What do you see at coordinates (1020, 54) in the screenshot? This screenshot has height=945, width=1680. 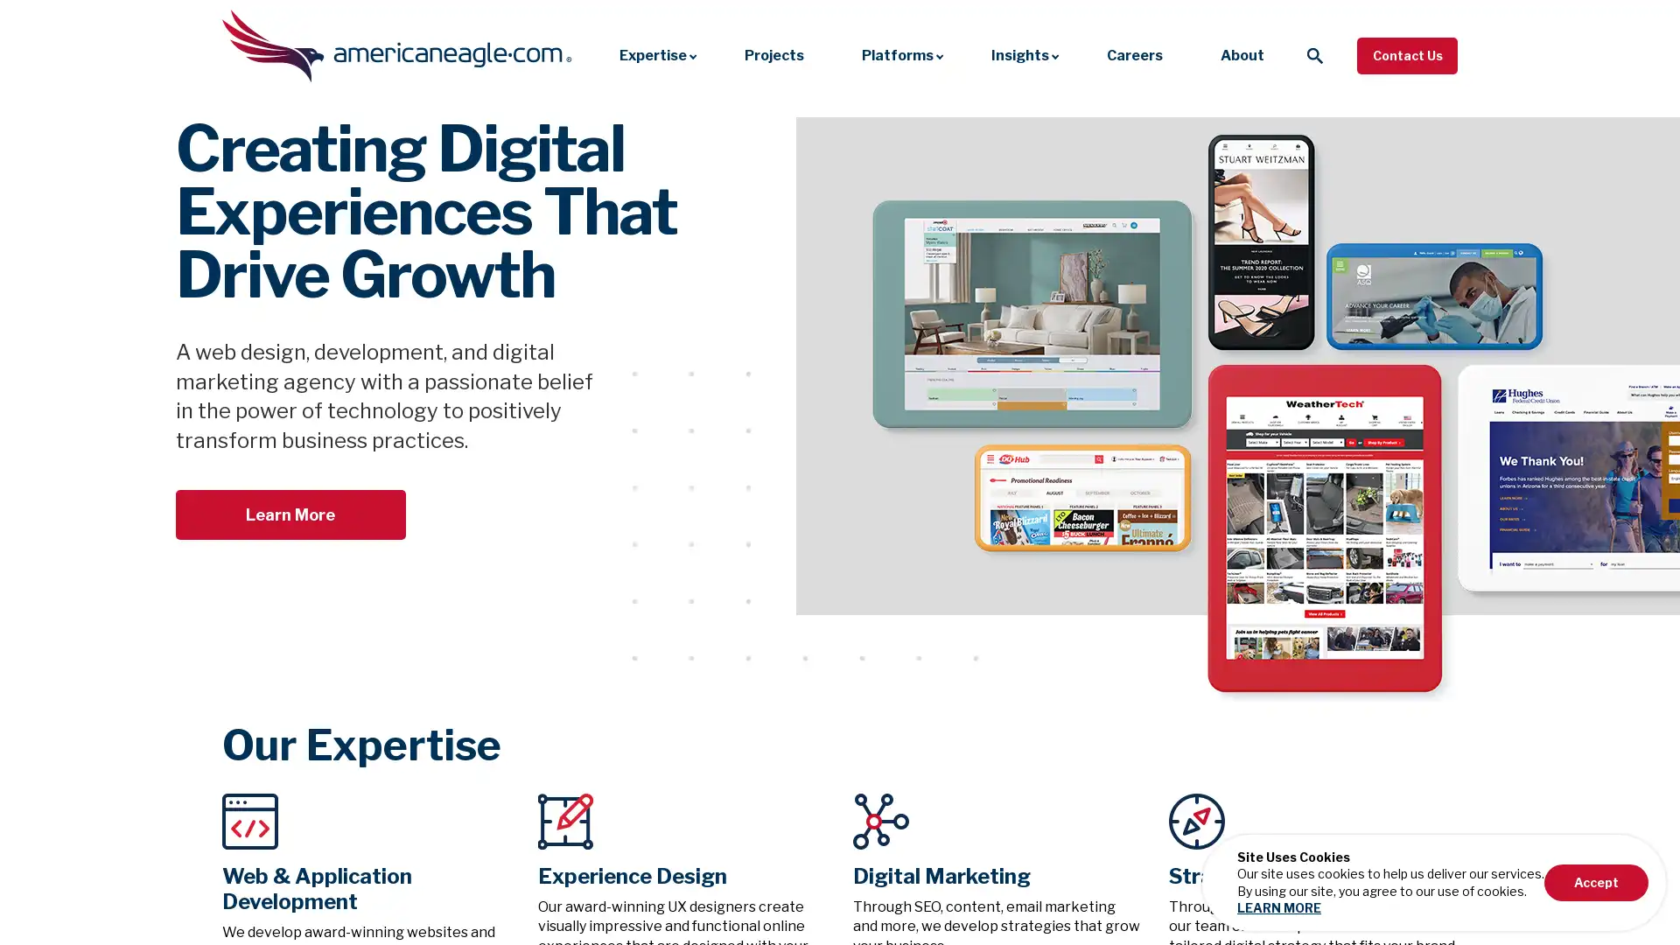 I see `Insights` at bounding box center [1020, 54].